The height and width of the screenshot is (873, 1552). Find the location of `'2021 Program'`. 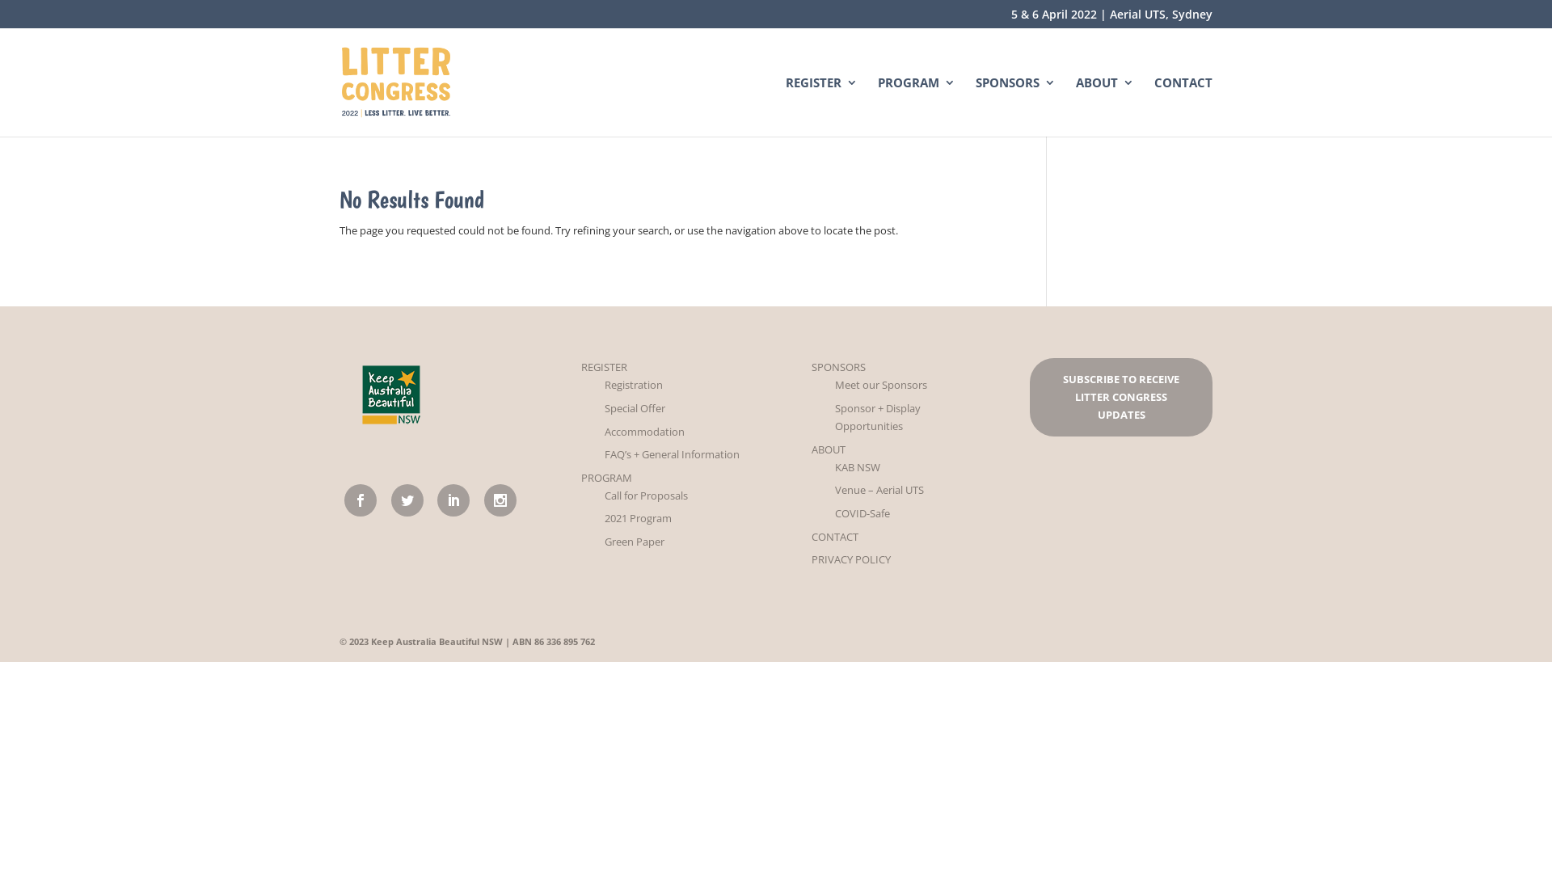

'2021 Program' is located at coordinates (637, 517).